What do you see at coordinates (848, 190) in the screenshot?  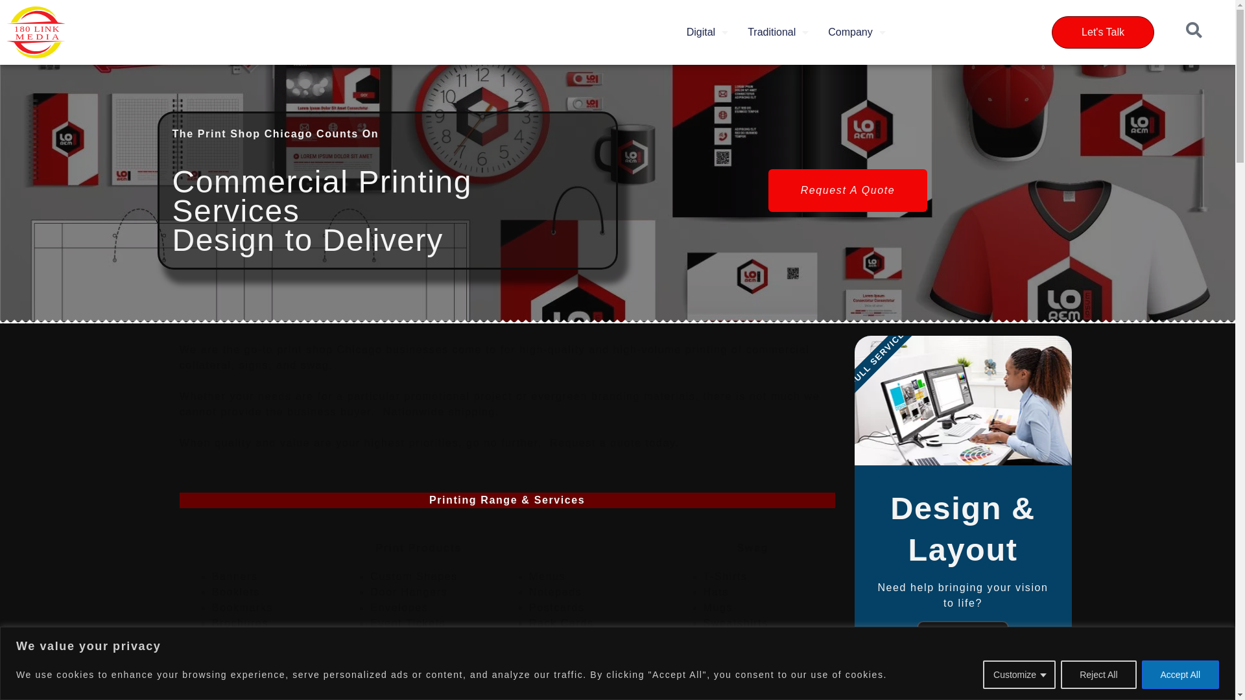 I see `'Request A Quote'` at bounding box center [848, 190].